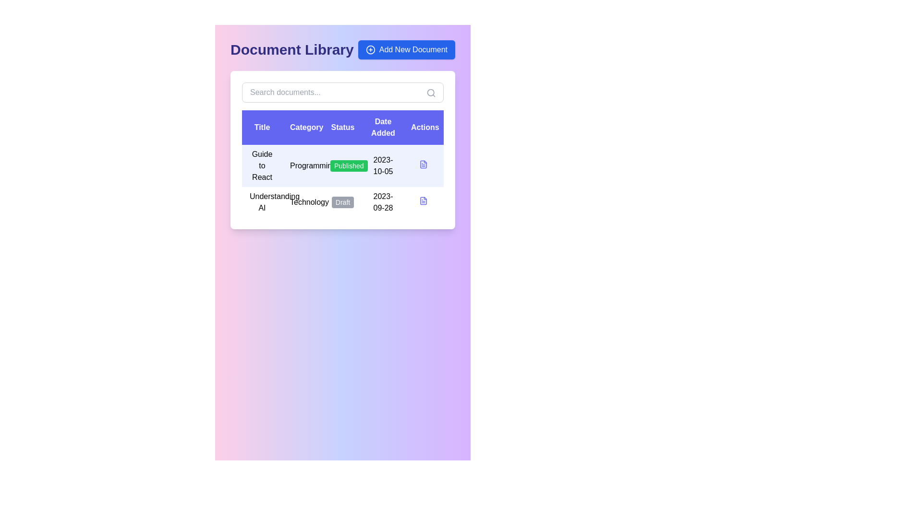  What do you see at coordinates (343, 201) in the screenshot?
I see `the 'Draft' button with a gray background and white text, located in the 'Status' column of the row for the document 'Understanding AI' in the 'Technology' category` at bounding box center [343, 201].